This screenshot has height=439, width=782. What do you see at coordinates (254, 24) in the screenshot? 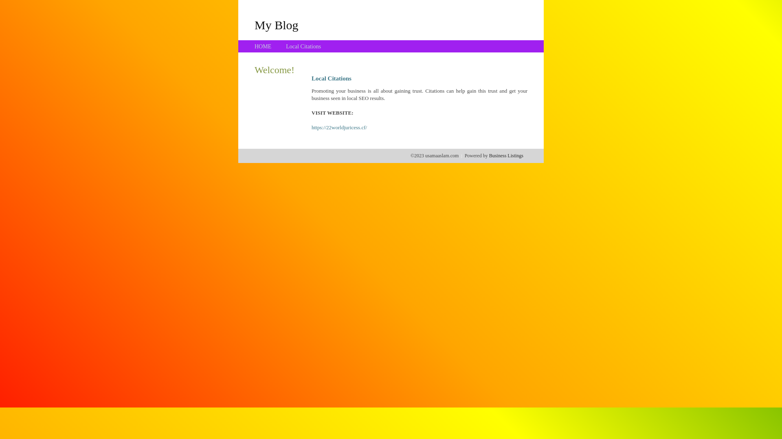
I see `'My Blog'` at bounding box center [254, 24].